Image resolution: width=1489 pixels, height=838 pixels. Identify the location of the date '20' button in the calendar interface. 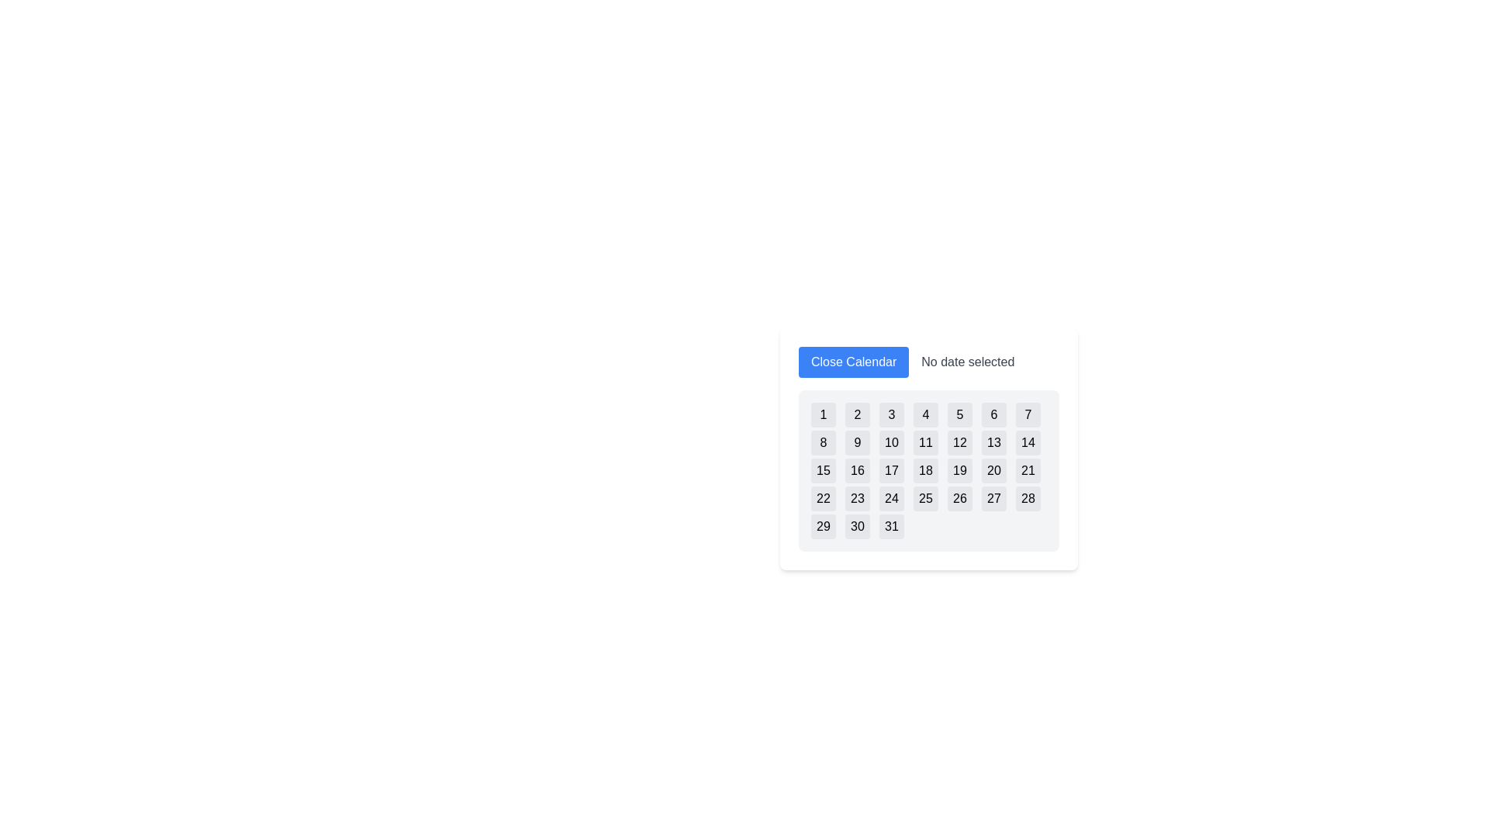
(993, 469).